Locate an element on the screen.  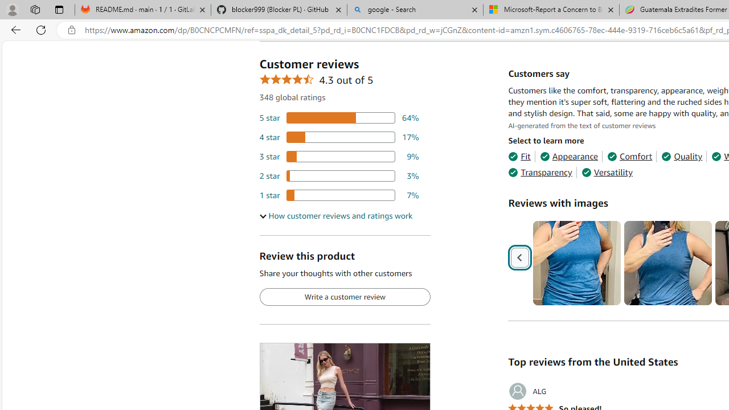
'ALG' is located at coordinates (527, 391).